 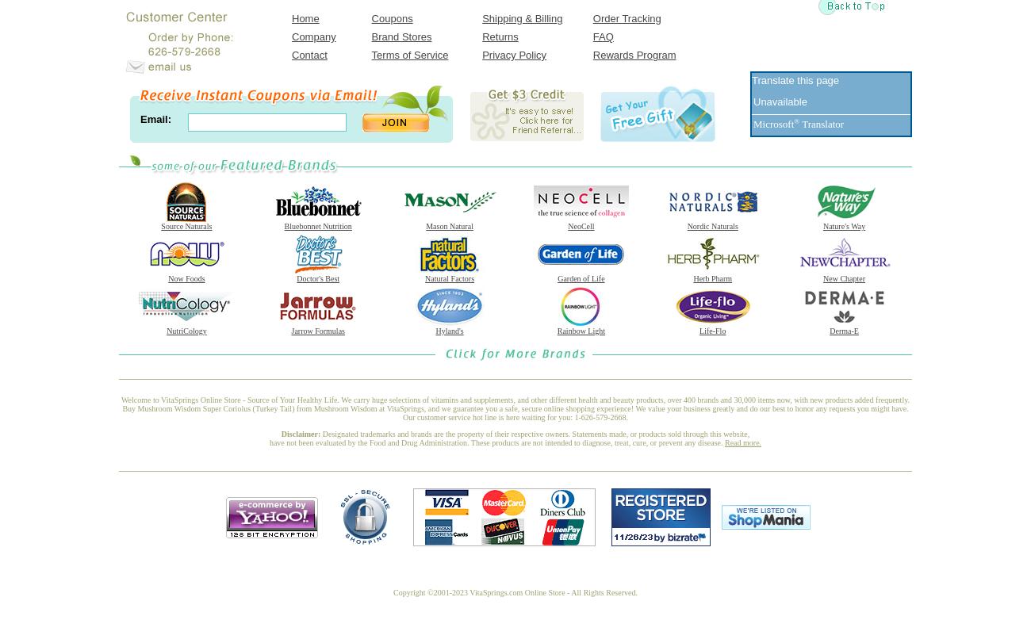 What do you see at coordinates (317, 331) in the screenshot?
I see `'Jarrow Formulas'` at bounding box center [317, 331].